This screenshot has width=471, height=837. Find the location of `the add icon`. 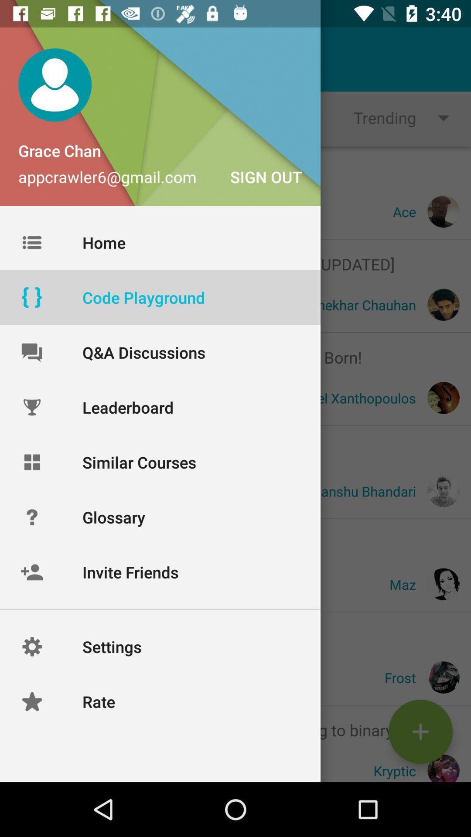

the add icon is located at coordinates (420, 732).